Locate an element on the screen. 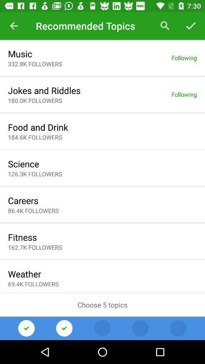  icon to the left of the recommended topics is located at coordinates (14, 26).